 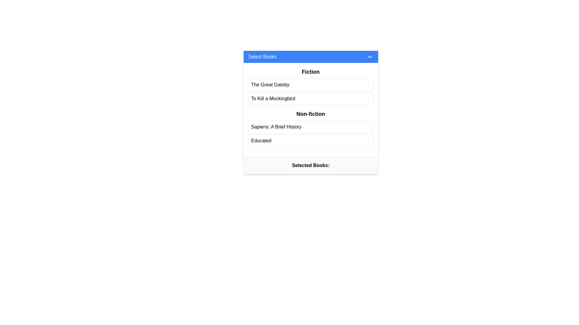 What do you see at coordinates (261, 141) in the screenshot?
I see `the text item displaying 'Educated' located` at bounding box center [261, 141].